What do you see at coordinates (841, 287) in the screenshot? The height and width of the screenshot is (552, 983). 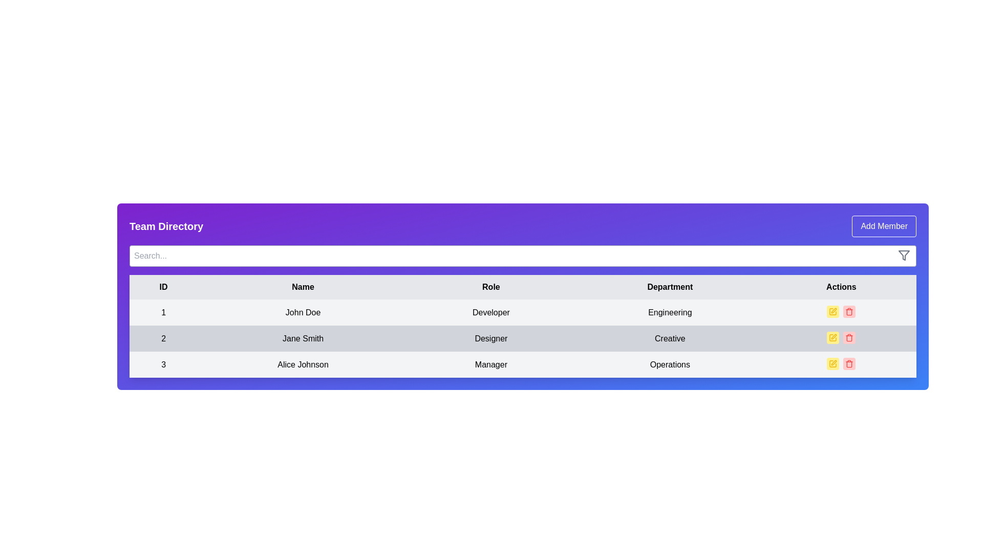 I see `the text label displaying 'Actions' in bold black text, located in the far right of the table header row` at bounding box center [841, 287].